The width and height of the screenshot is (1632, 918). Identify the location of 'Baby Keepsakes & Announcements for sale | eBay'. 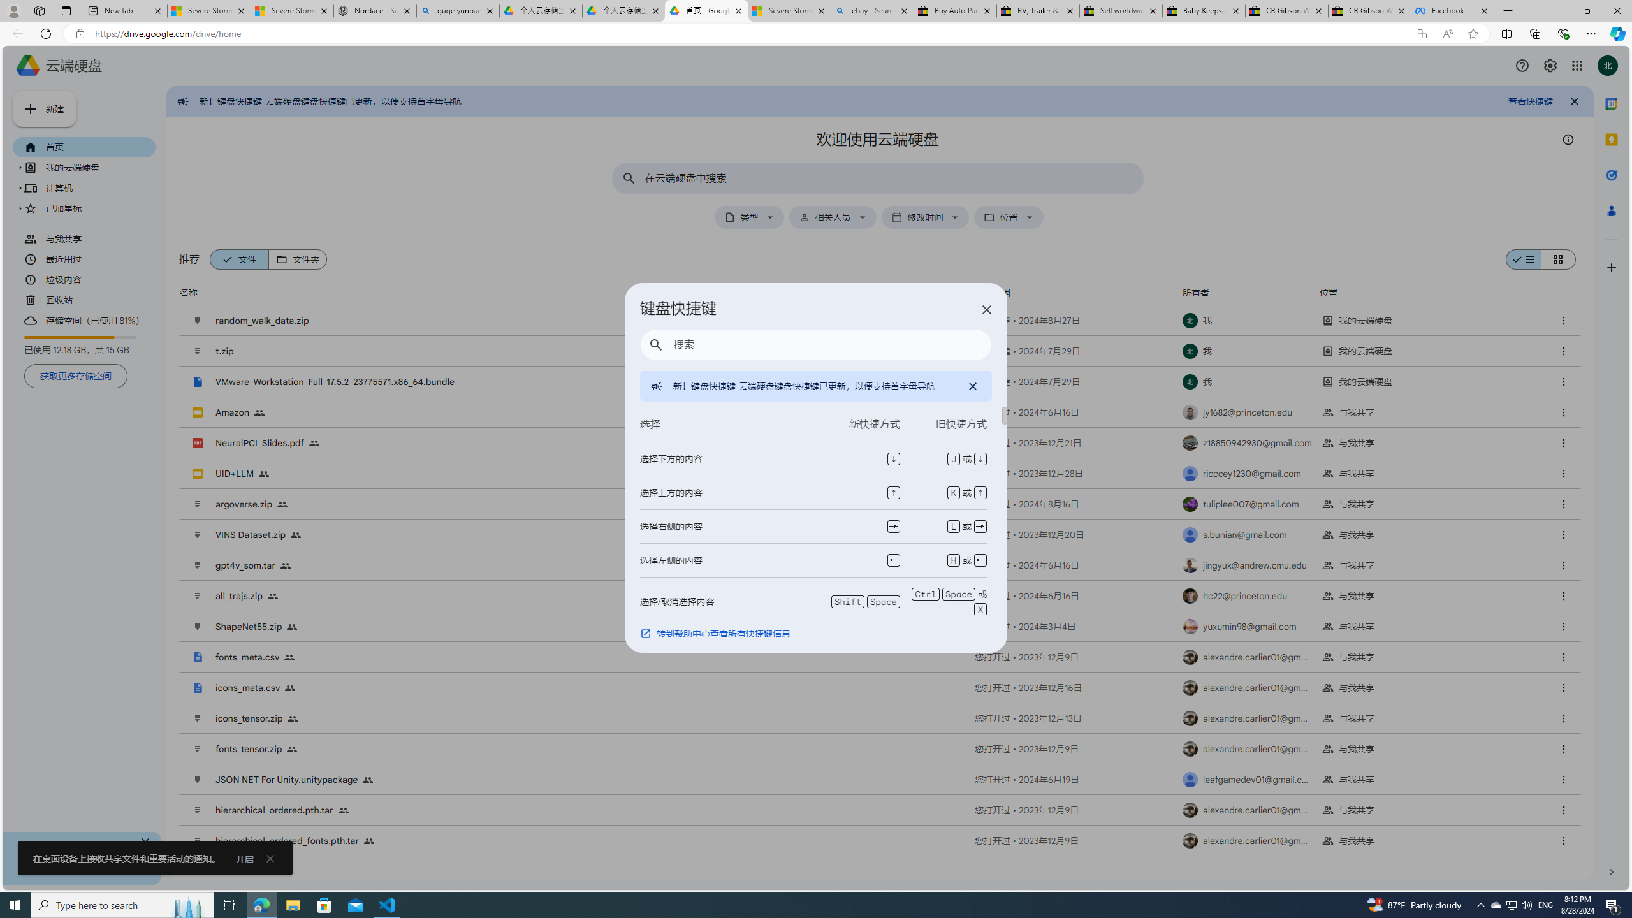
(1203, 10).